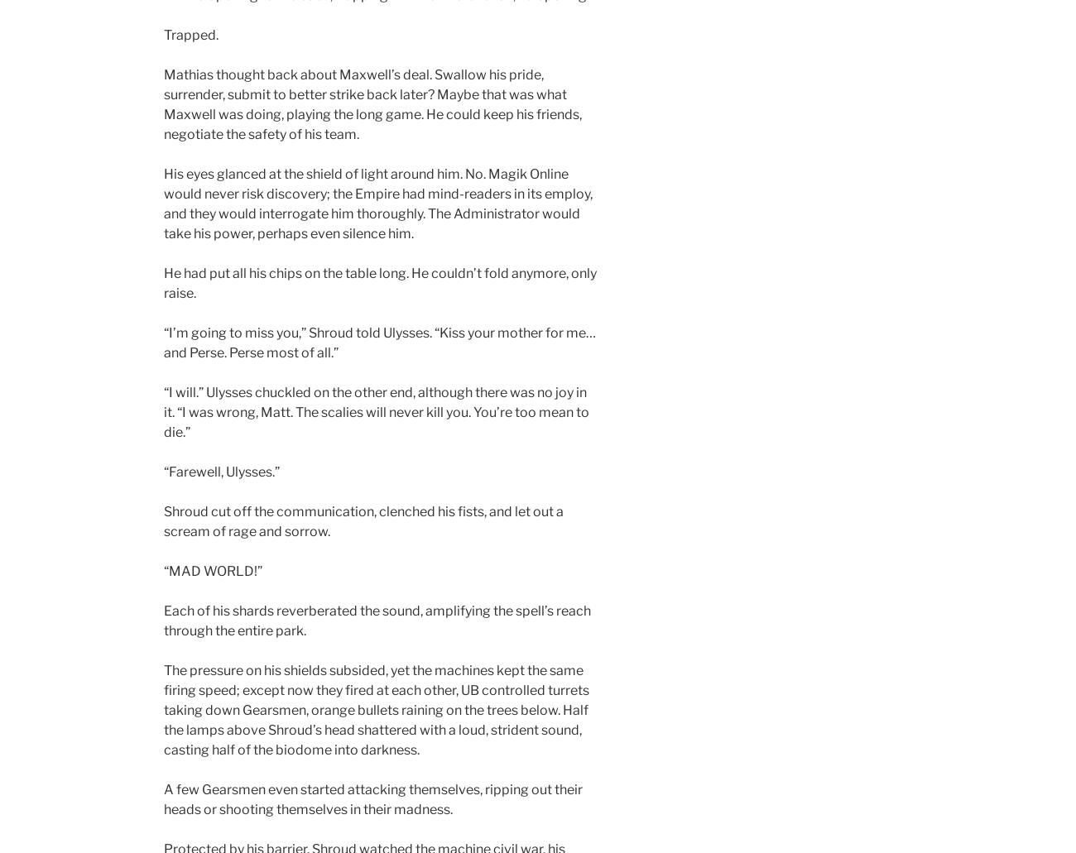  I want to click on 'Trapped.', so click(190, 35).